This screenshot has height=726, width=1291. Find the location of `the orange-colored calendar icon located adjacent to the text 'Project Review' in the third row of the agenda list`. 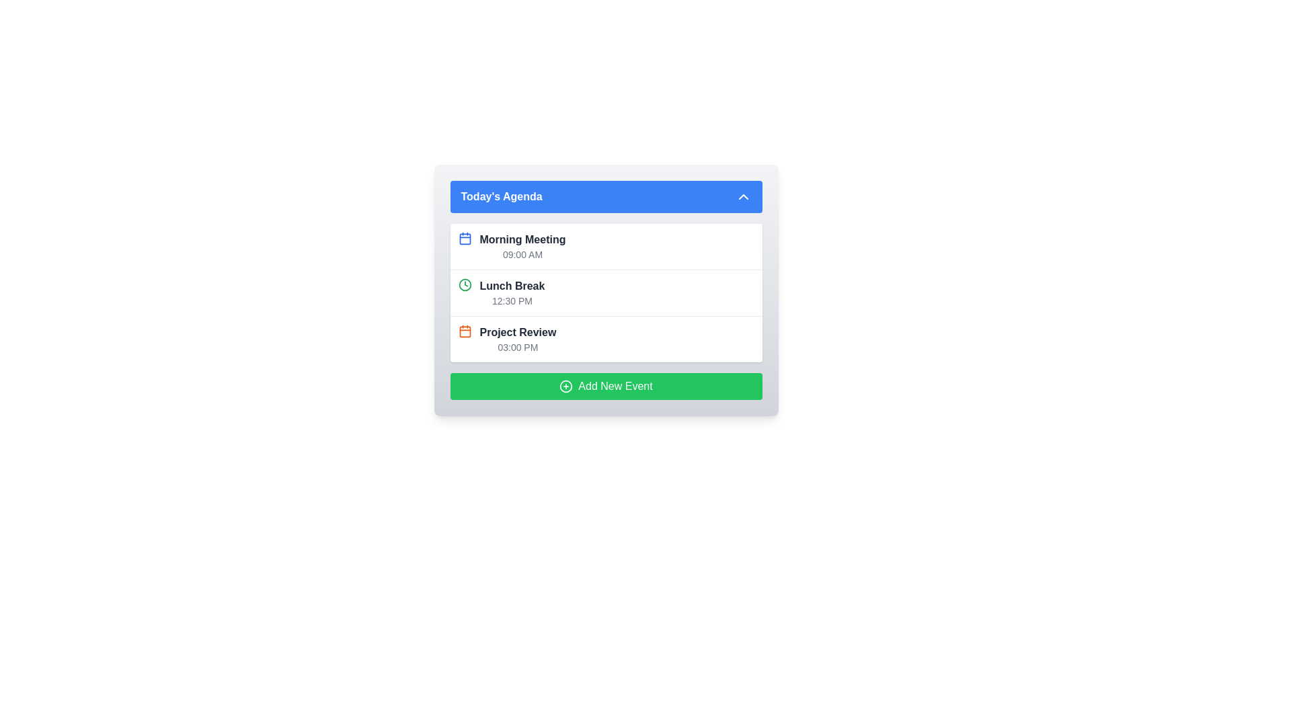

the orange-colored calendar icon located adjacent to the text 'Project Review' in the third row of the agenda list is located at coordinates (465, 331).